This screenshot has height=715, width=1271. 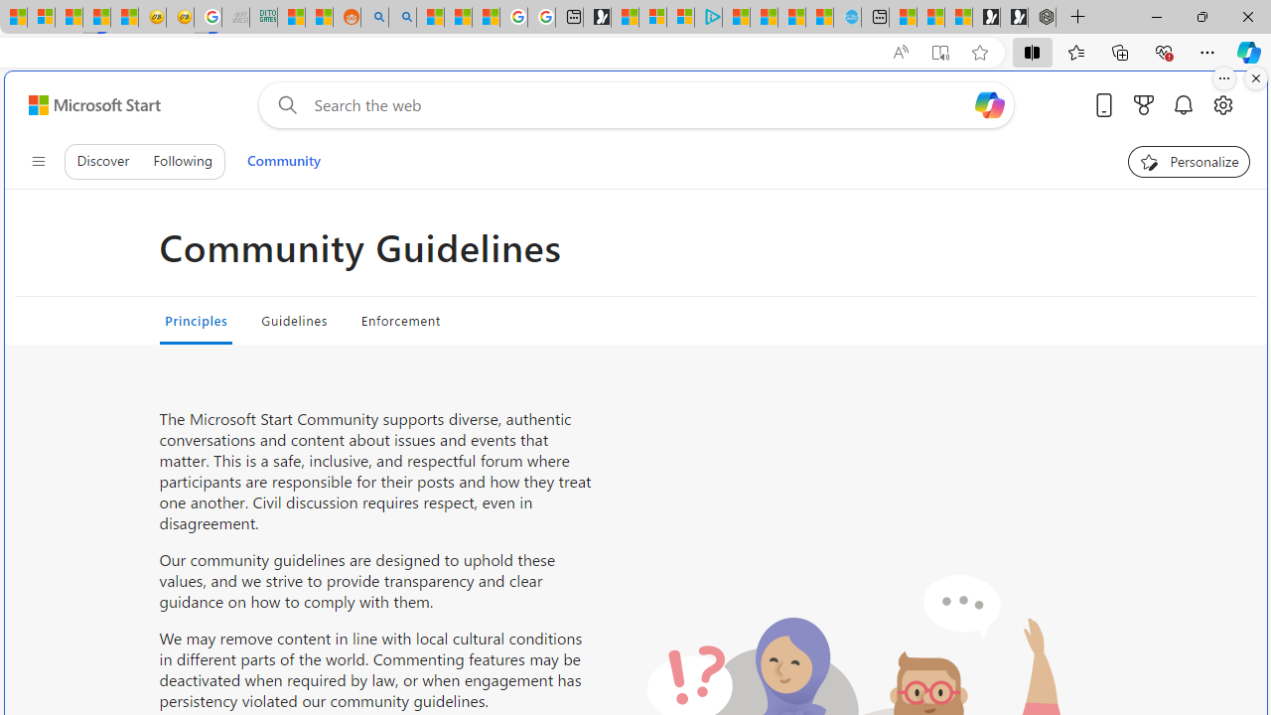 What do you see at coordinates (938, 52) in the screenshot?
I see `'Enter Immersive Reader (F9)'` at bounding box center [938, 52].